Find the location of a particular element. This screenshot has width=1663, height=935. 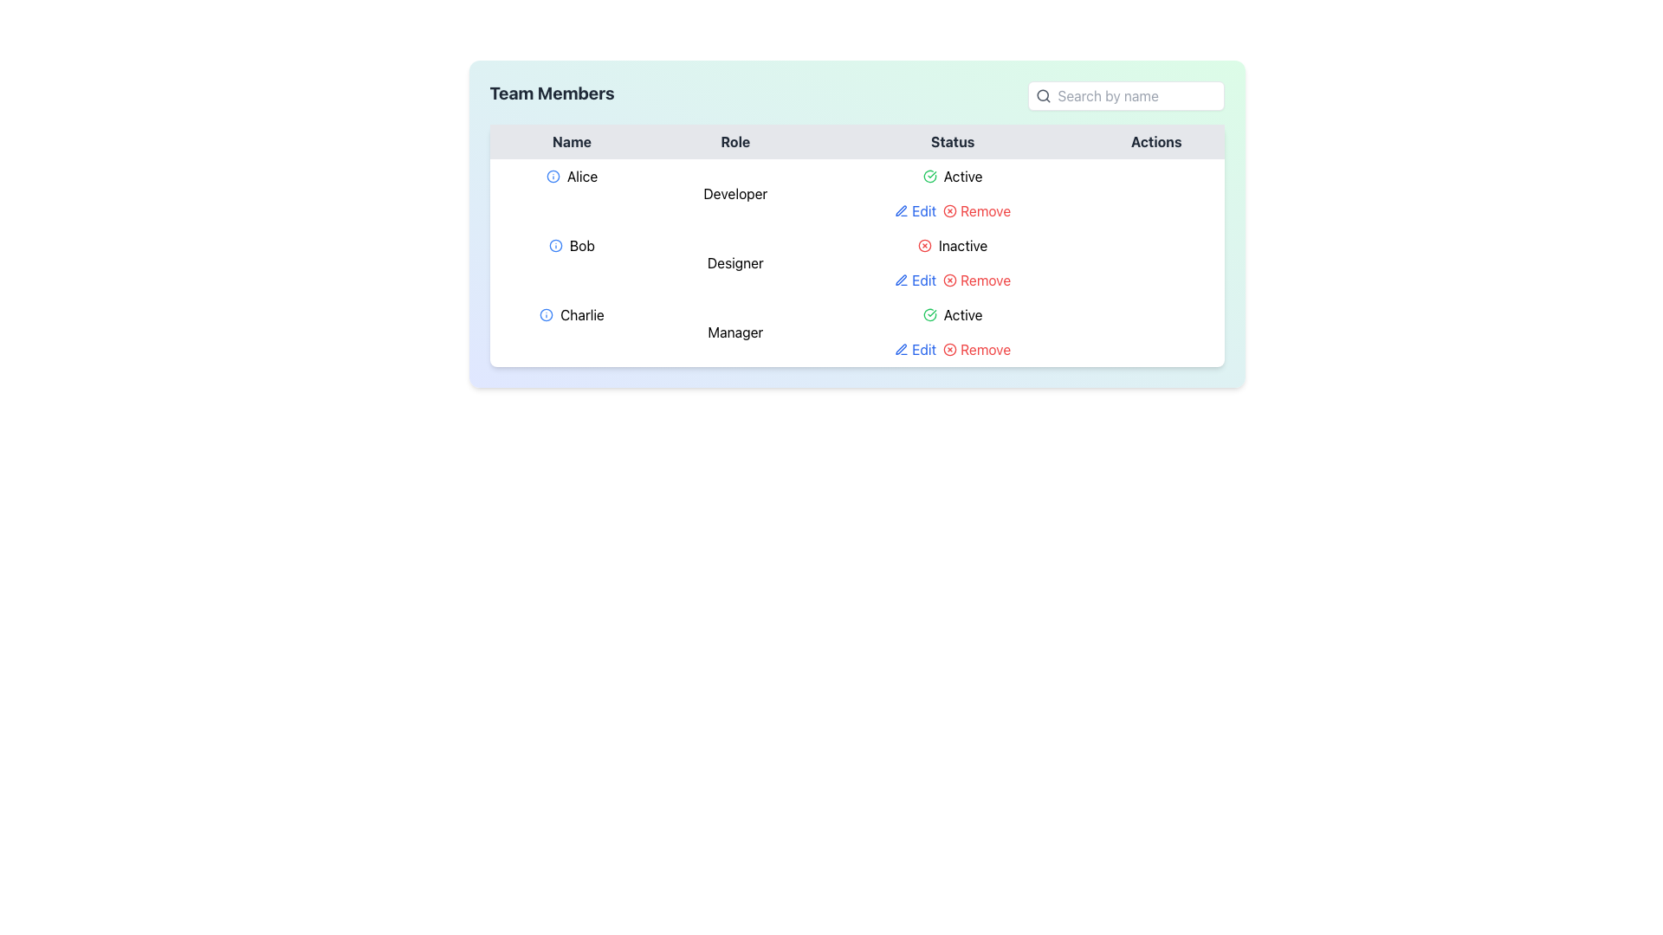

the informational icon located to the left of the text 'Bob' in the second row under the 'Name' column of the table is located at coordinates (556, 246).